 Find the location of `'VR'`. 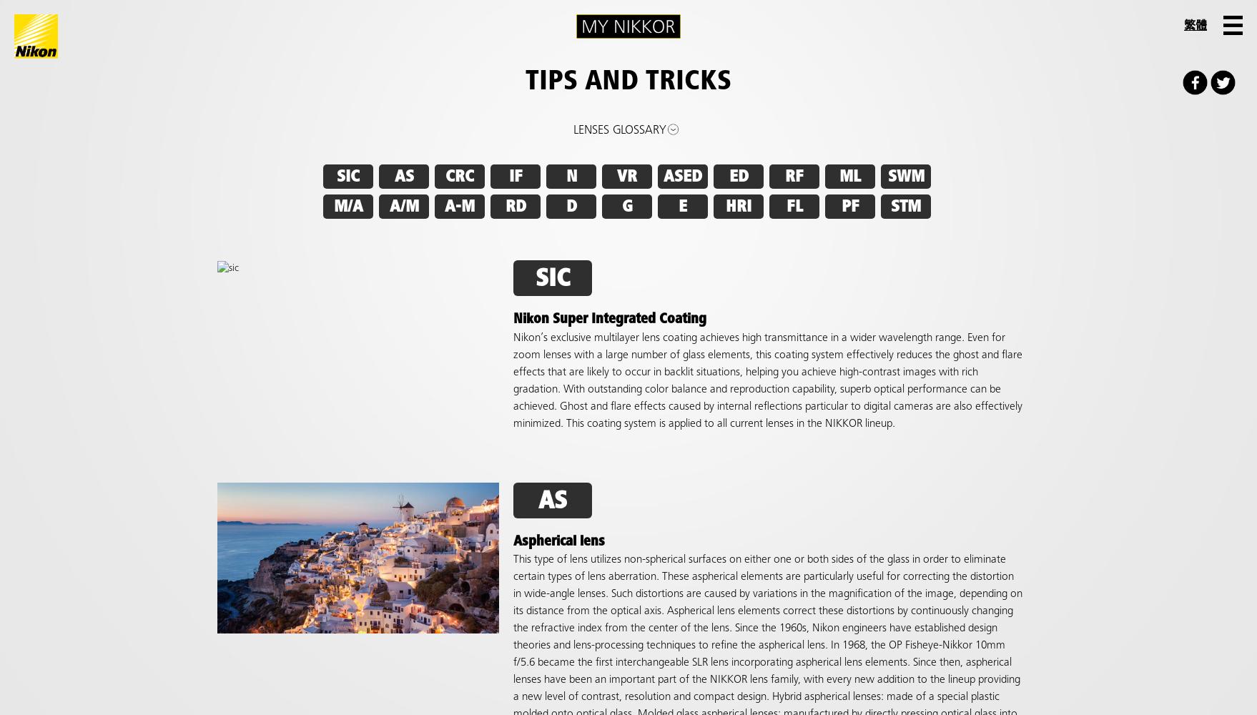

'VR' is located at coordinates (626, 176).